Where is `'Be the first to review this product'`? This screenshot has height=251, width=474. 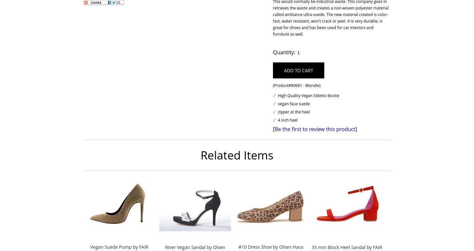 'Be the first to review this product' is located at coordinates (314, 128).